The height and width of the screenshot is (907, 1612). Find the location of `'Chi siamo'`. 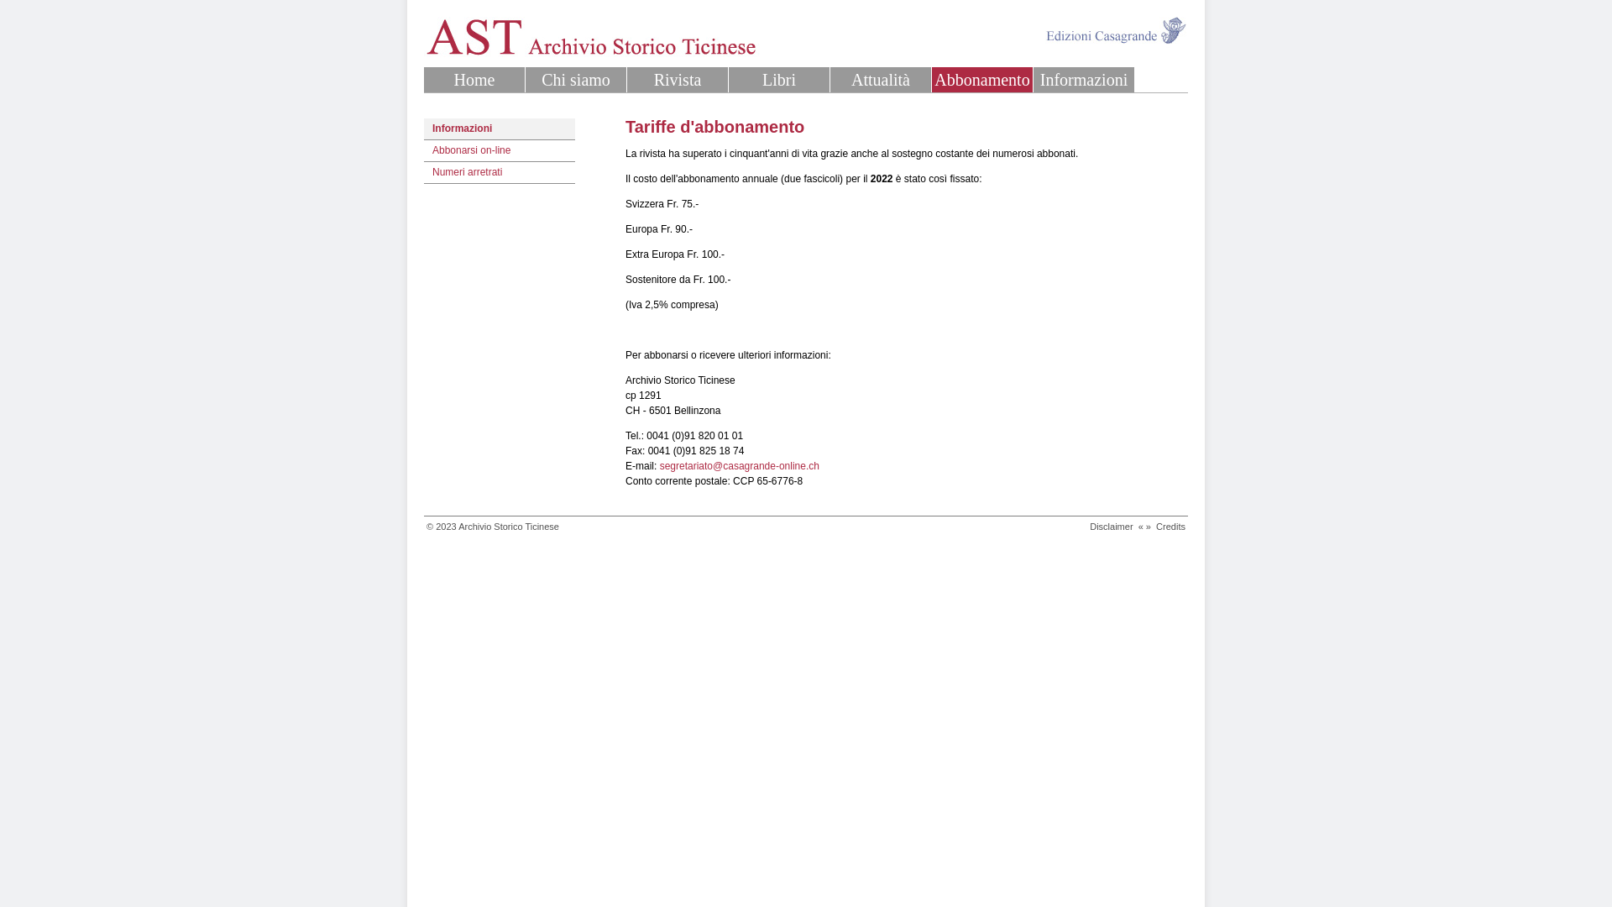

'Chi siamo' is located at coordinates (576, 80).